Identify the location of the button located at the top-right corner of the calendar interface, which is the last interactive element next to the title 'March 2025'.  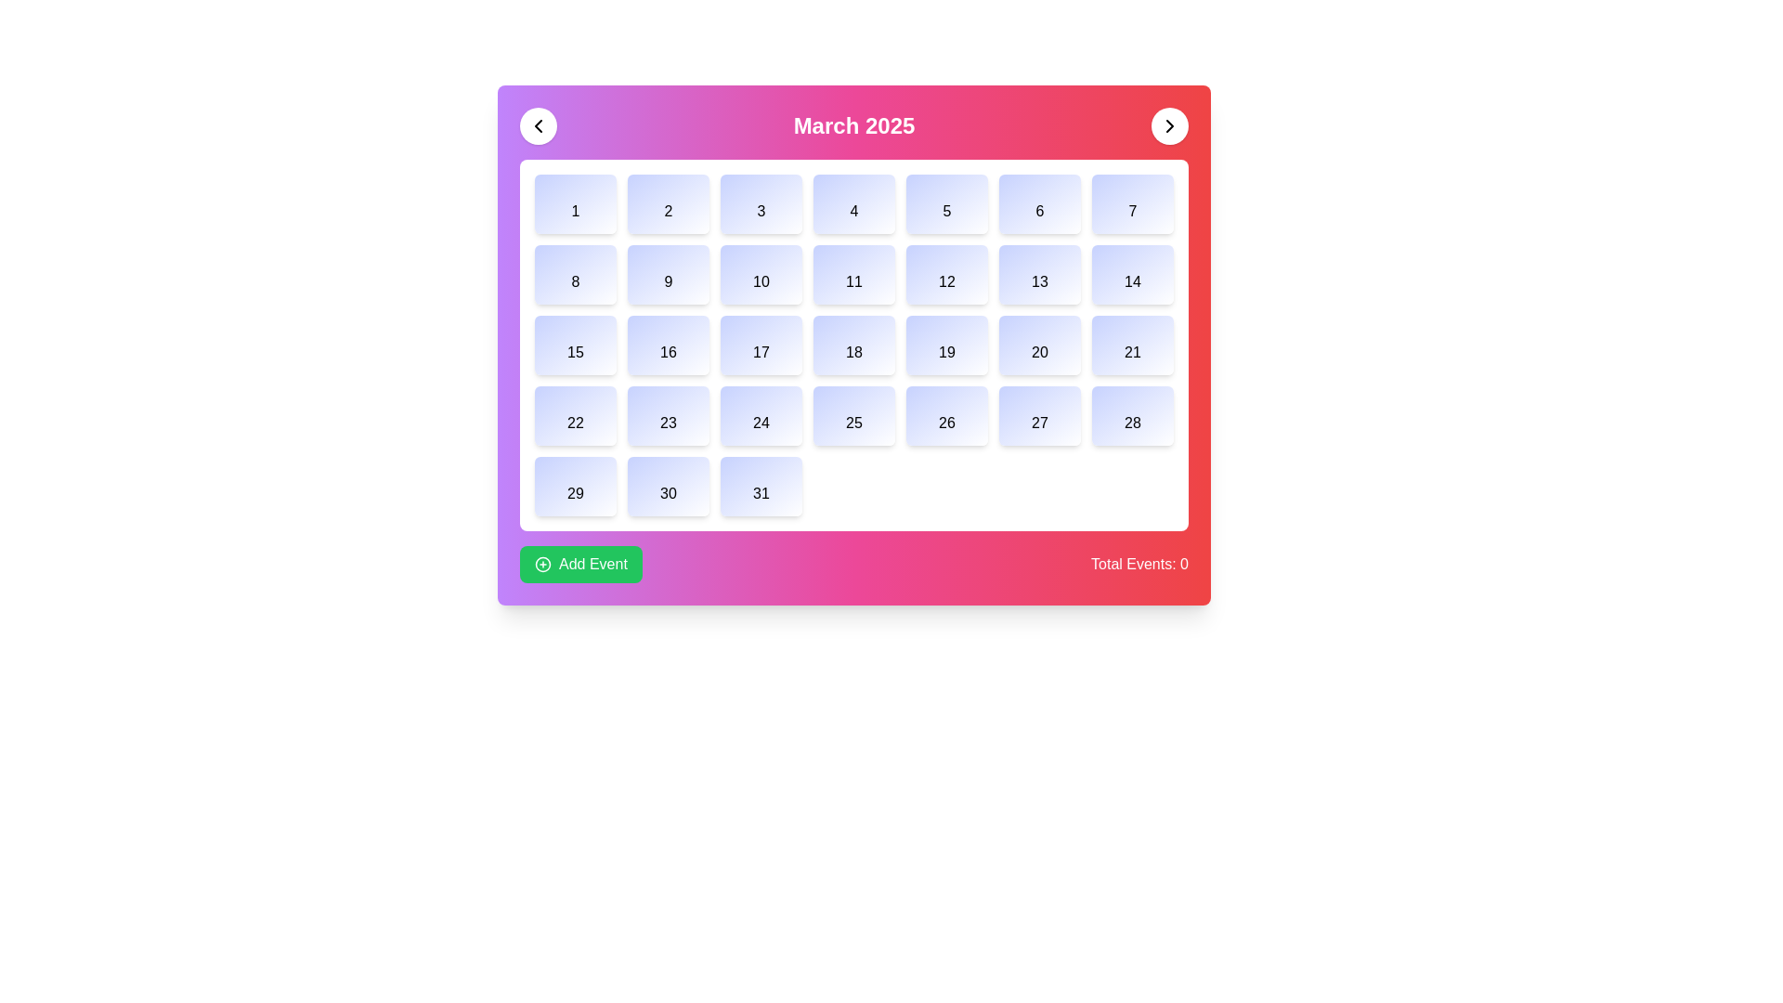
(1168, 125).